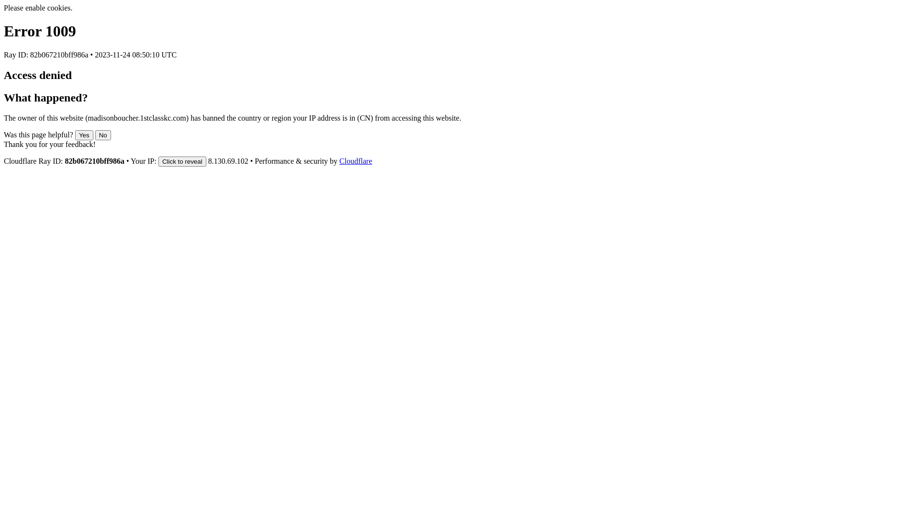  I want to click on 'Click to reveal', so click(182, 161).